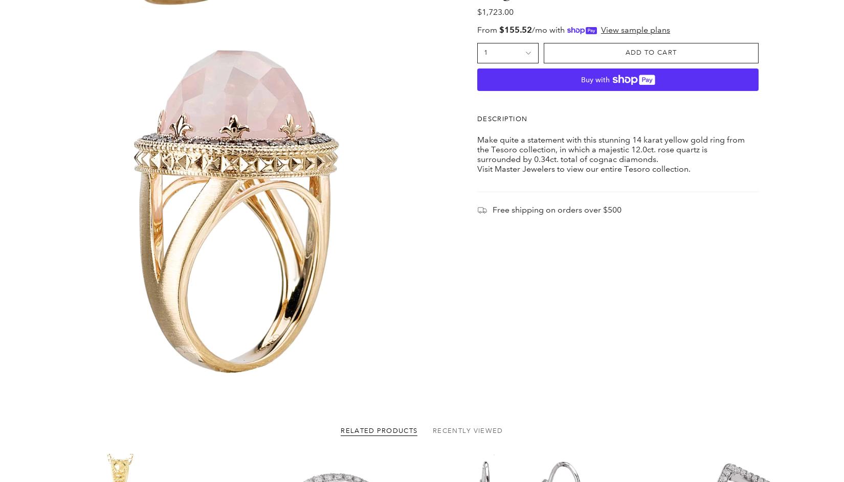 This screenshot has height=482, width=844. Describe the element at coordinates (323, 320) in the screenshot. I see `'Main menu'` at that location.